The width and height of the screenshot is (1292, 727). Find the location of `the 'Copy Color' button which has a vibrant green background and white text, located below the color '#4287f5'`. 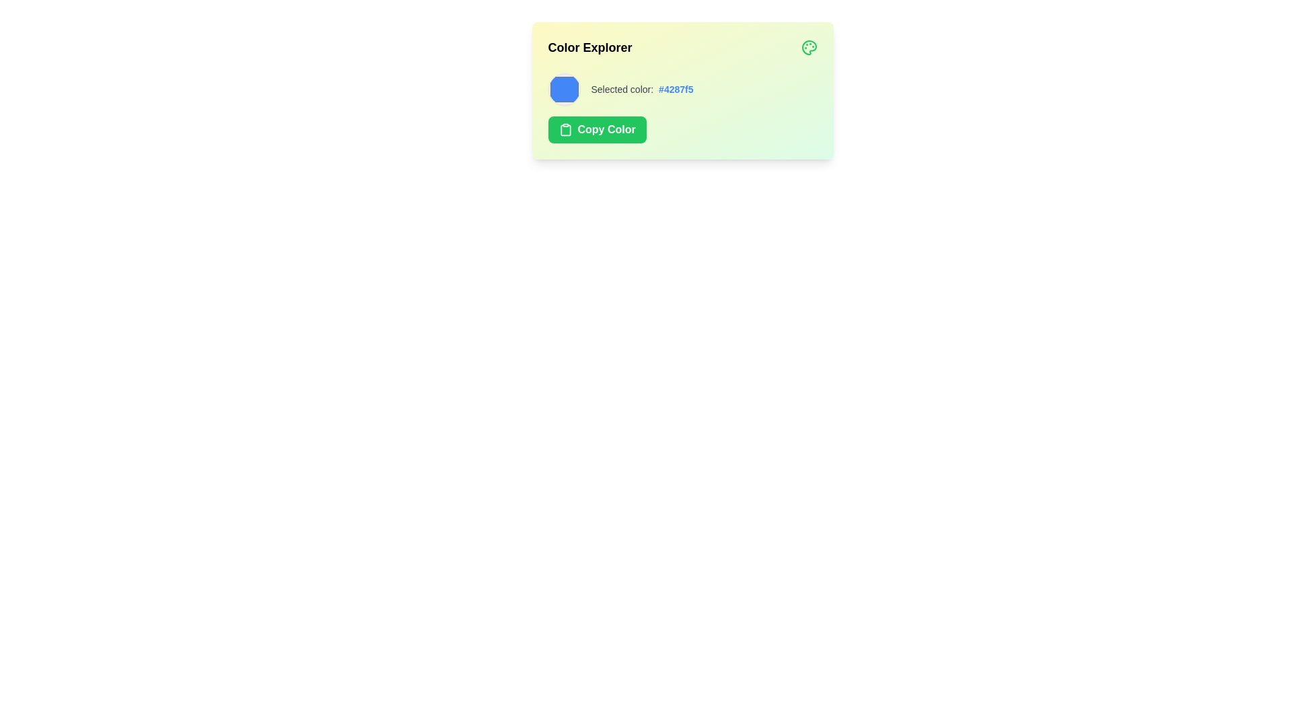

the 'Copy Color' button which has a vibrant green background and white text, located below the color '#4287f5' is located at coordinates (596, 129).